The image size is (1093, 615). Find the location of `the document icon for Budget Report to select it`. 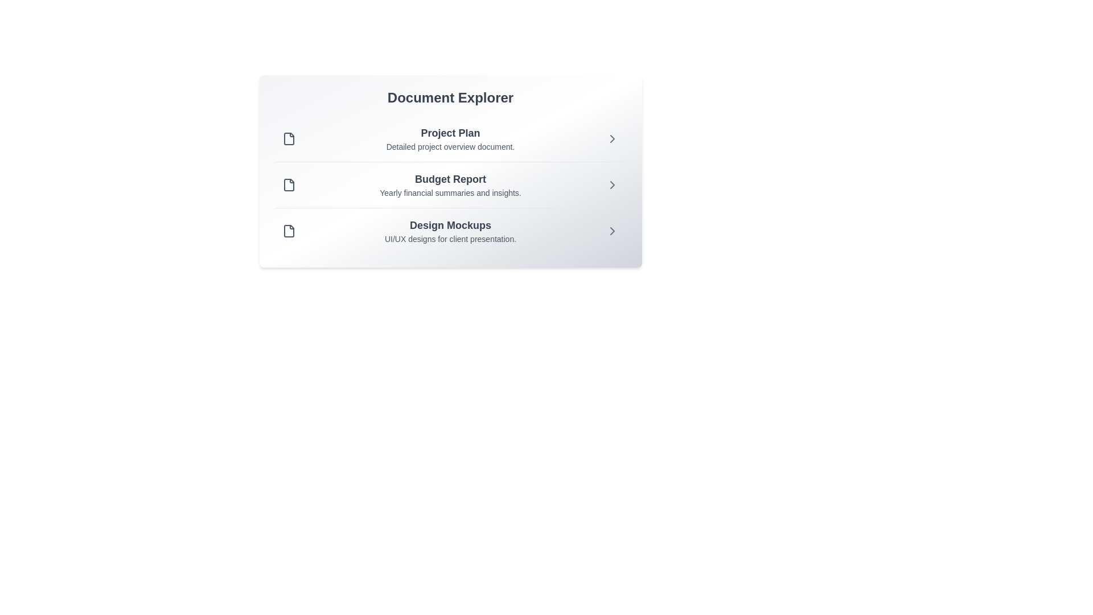

the document icon for Budget Report to select it is located at coordinates (289, 184).